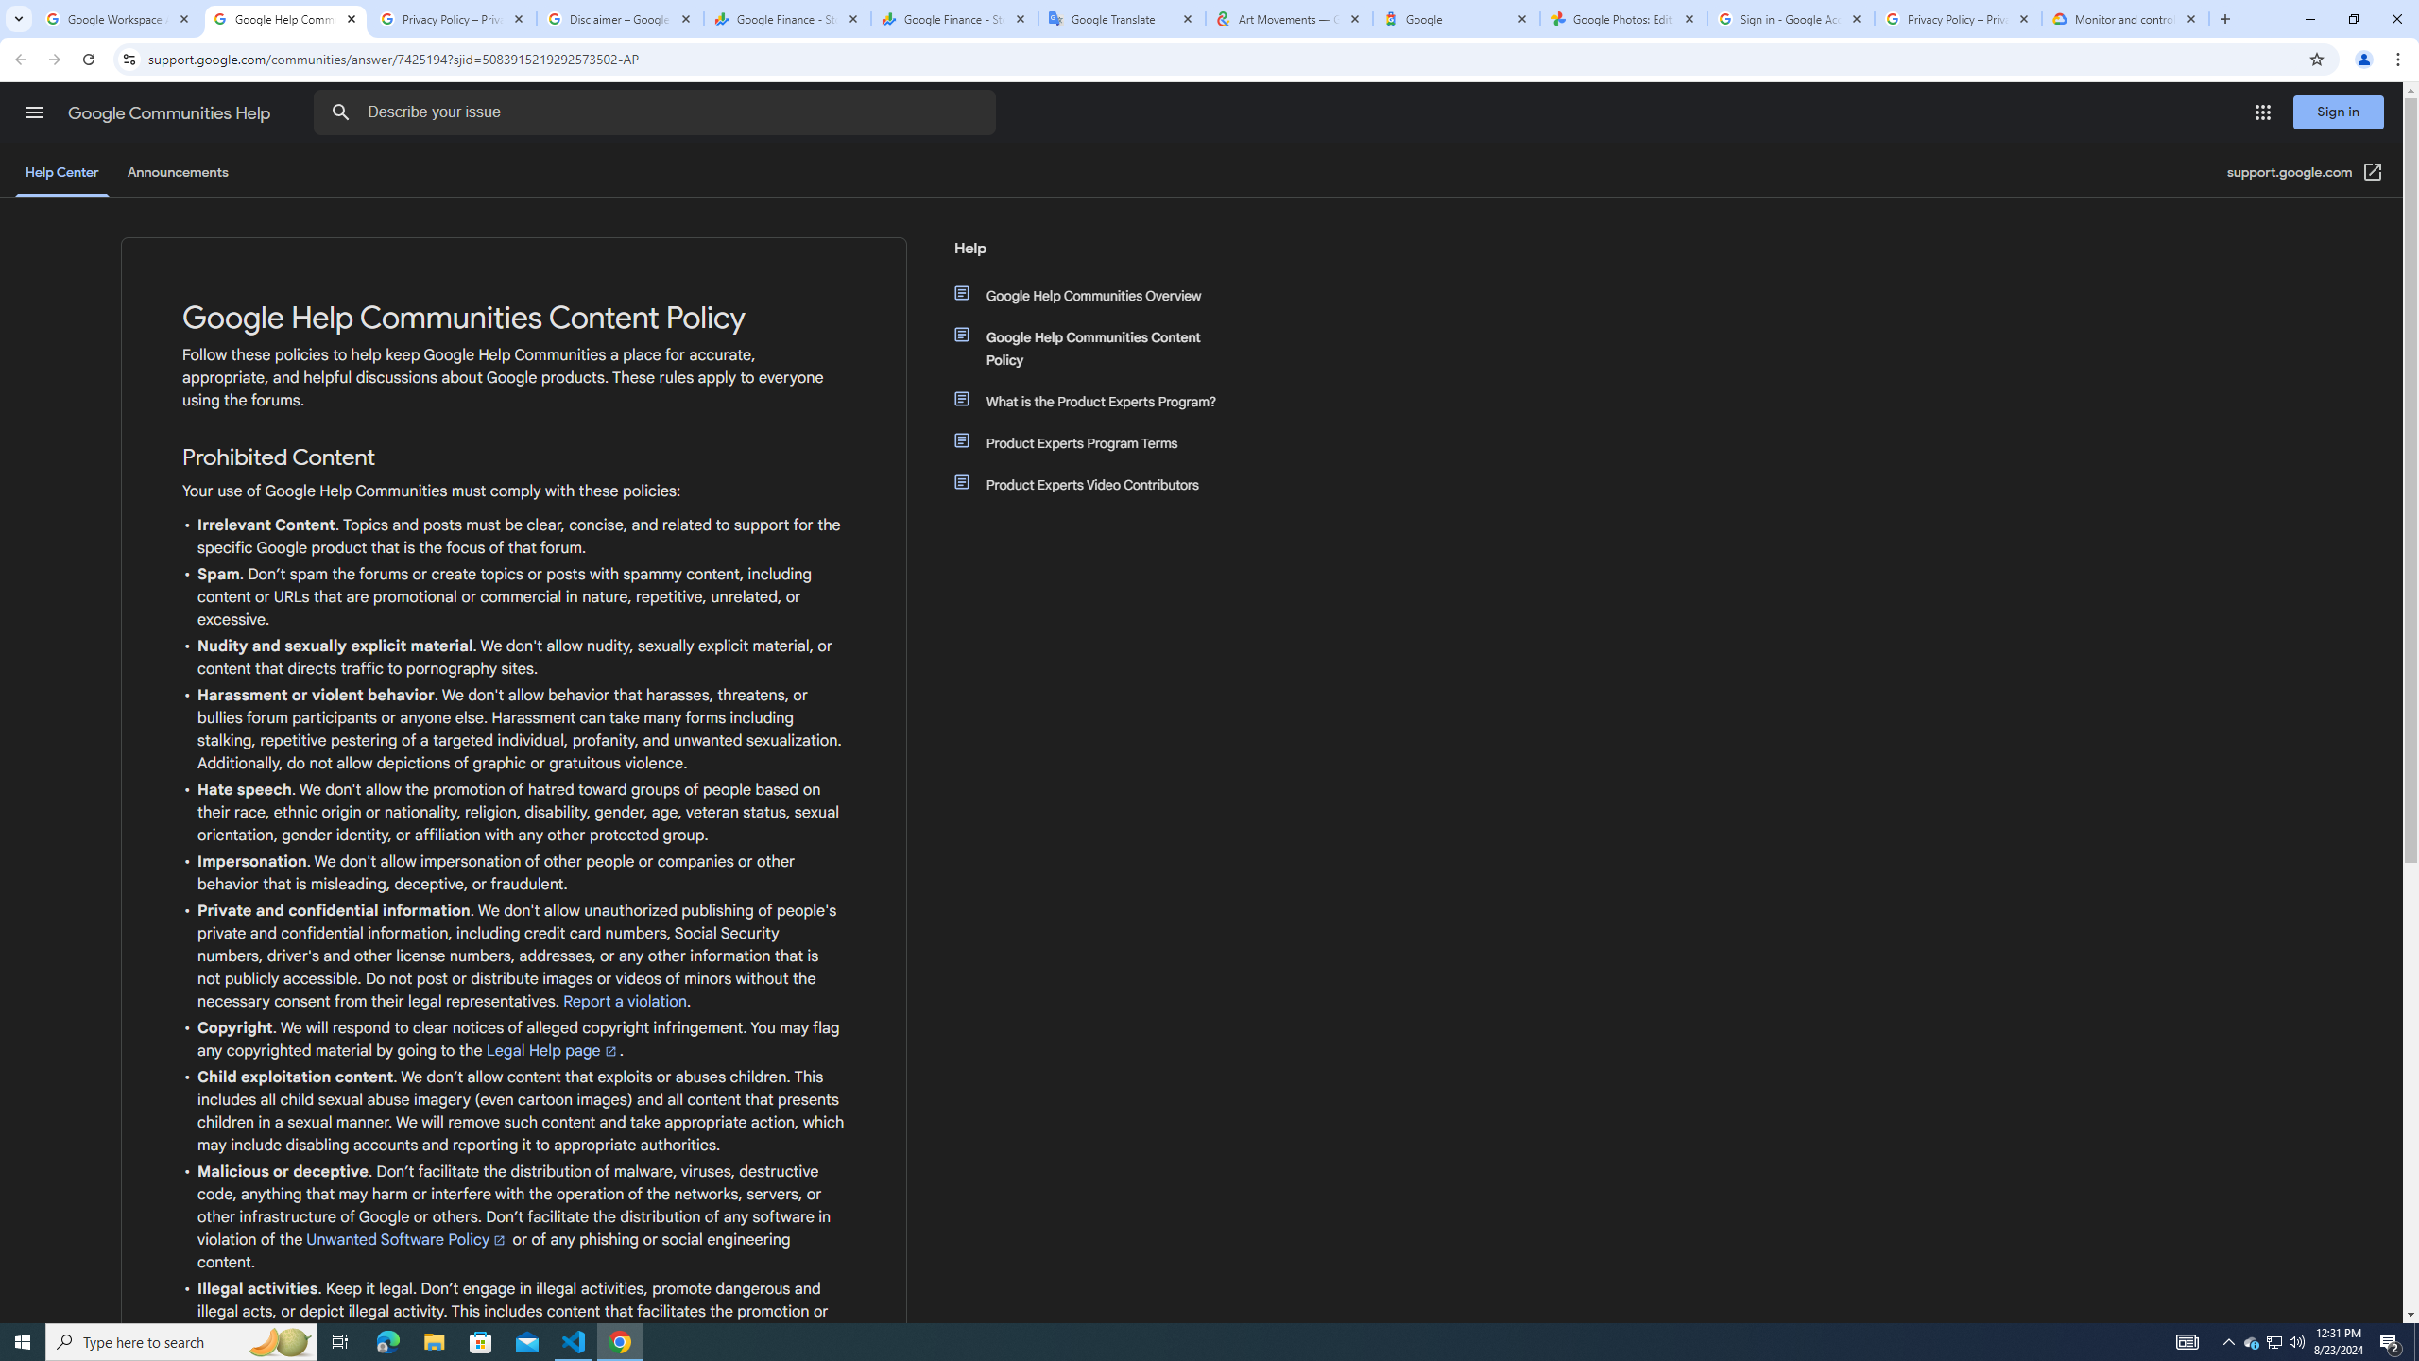 This screenshot has height=1361, width=2419. What do you see at coordinates (1121, 18) in the screenshot?
I see `'Google Translate'` at bounding box center [1121, 18].